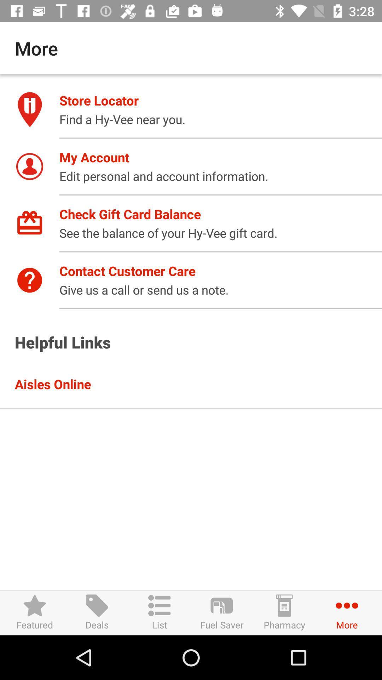  Describe the element at coordinates (160, 612) in the screenshot. I see `the icon next to fuel saver icon` at that location.